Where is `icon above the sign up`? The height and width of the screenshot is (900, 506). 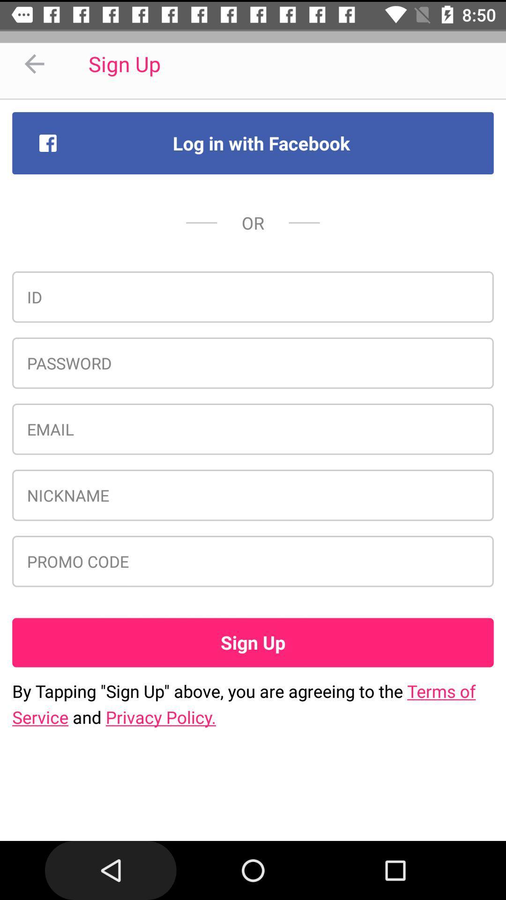
icon above the sign up is located at coordinates (253, 561).